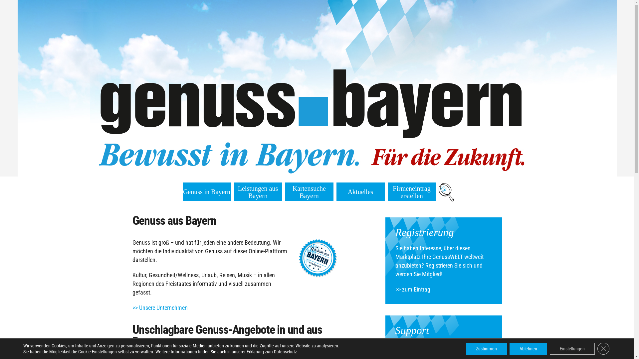  I want to click on '>> Unsere Unternehmen', so click(160, 307).